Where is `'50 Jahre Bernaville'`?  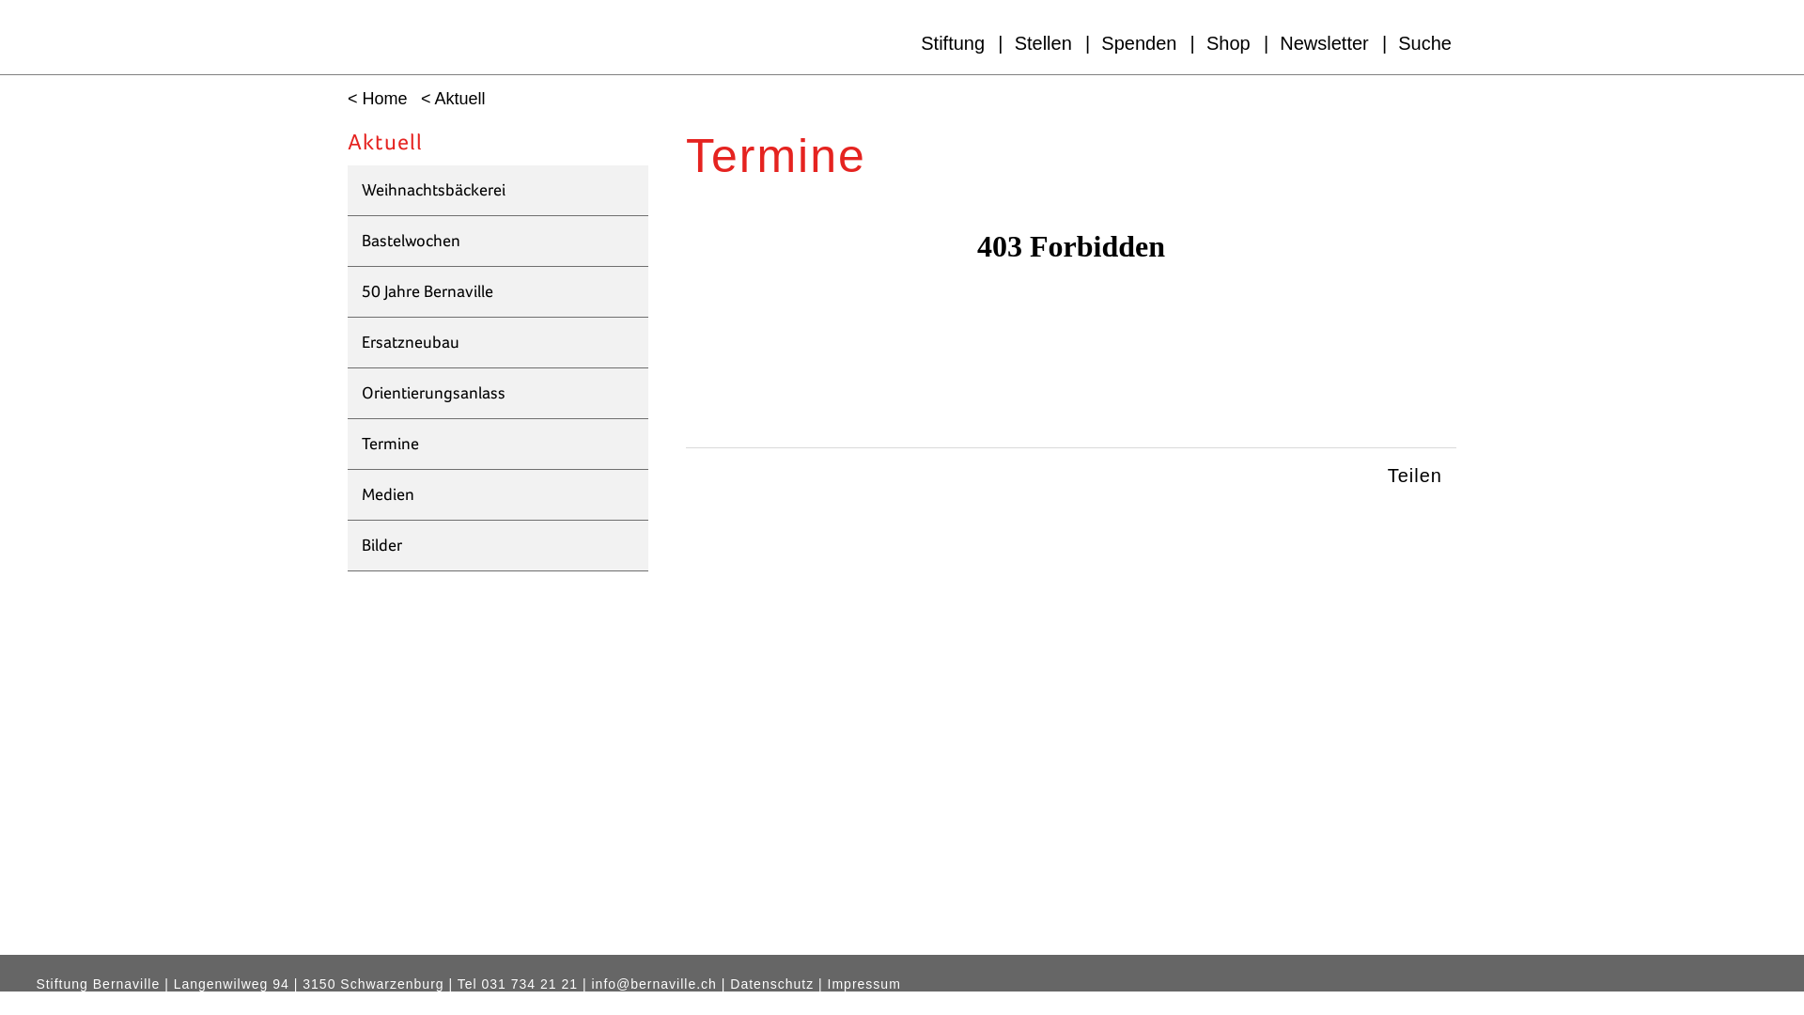 '50 Jahre Bernaville' is located at coordinates (497, 292).